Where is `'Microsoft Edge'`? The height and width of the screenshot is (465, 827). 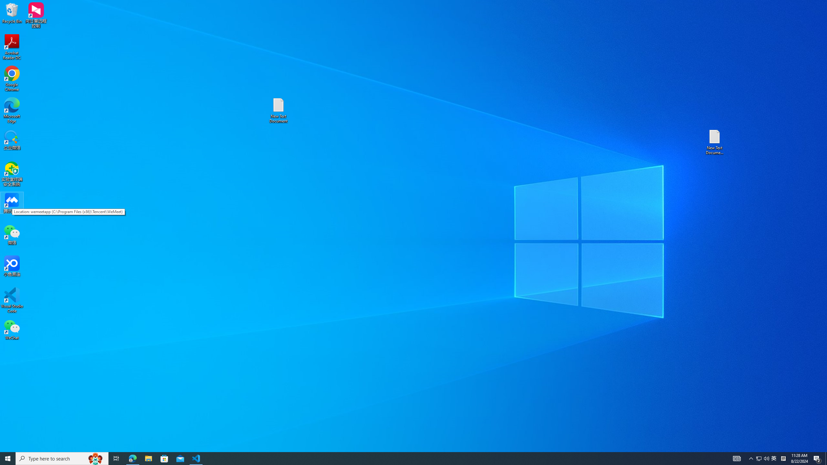
'Microsoft Edge' is located at coordinates (12, 110).